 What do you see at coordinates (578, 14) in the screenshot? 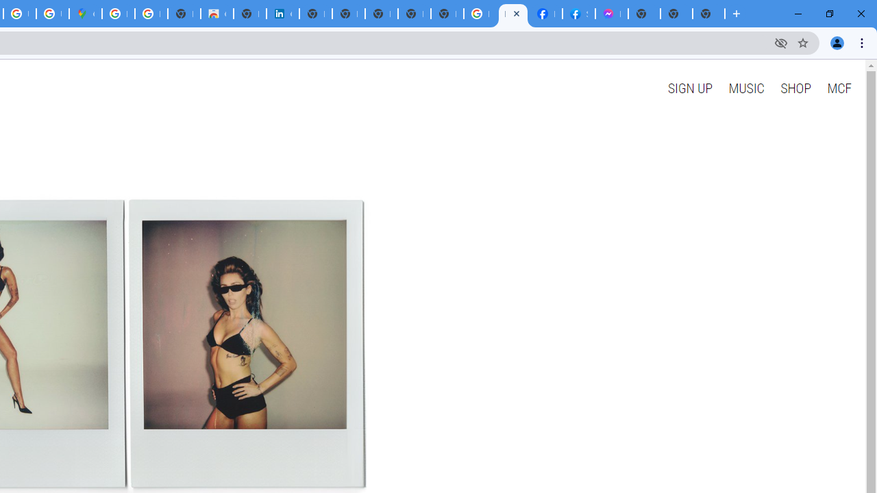
I see `'Sign Up for Facebook'` at bounding box center [578, 14].